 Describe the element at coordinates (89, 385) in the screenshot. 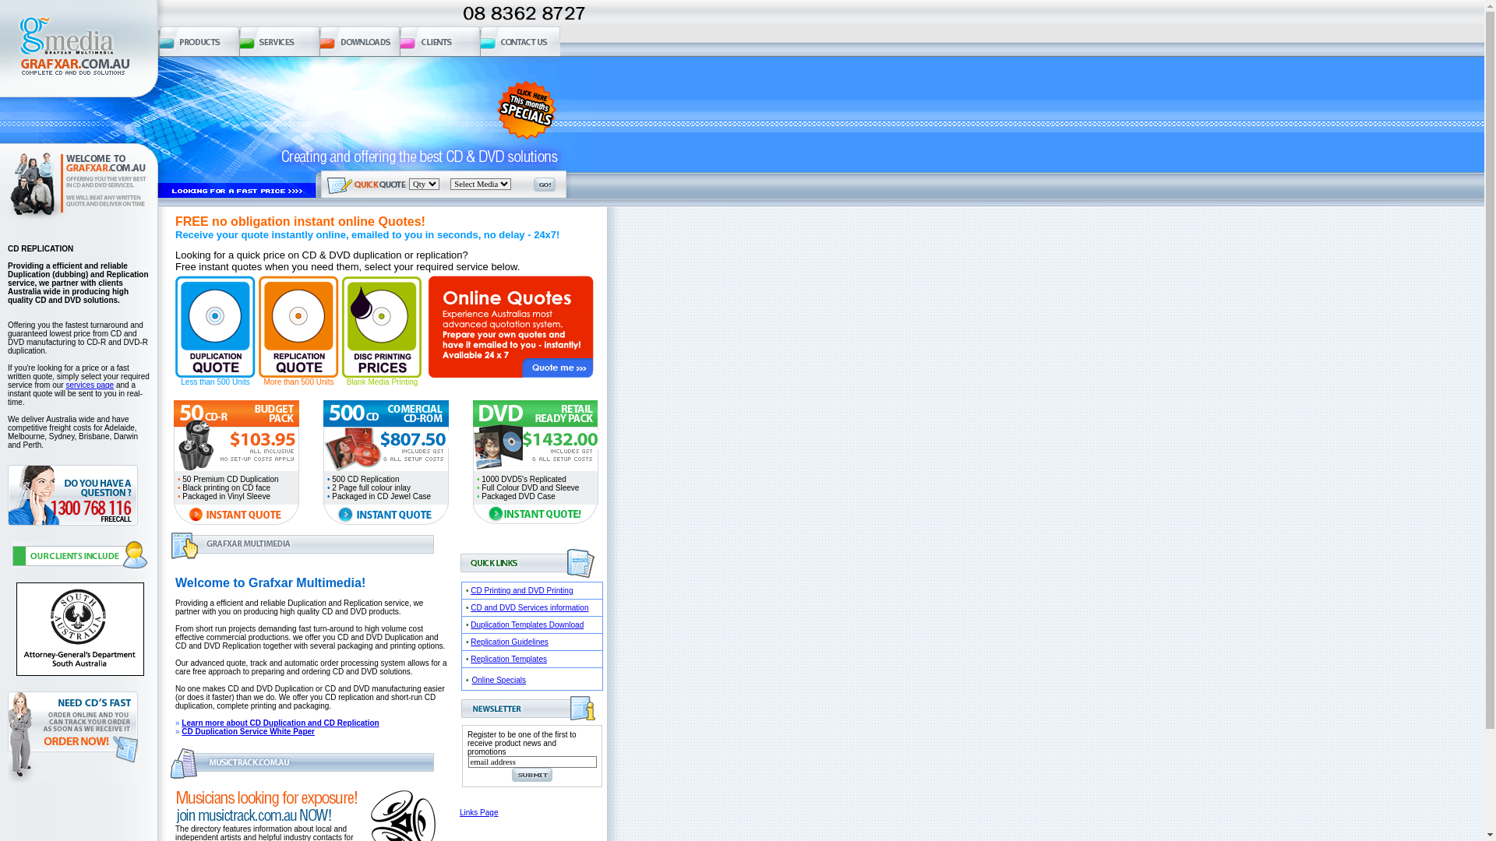

I see `'services page'` at that location.